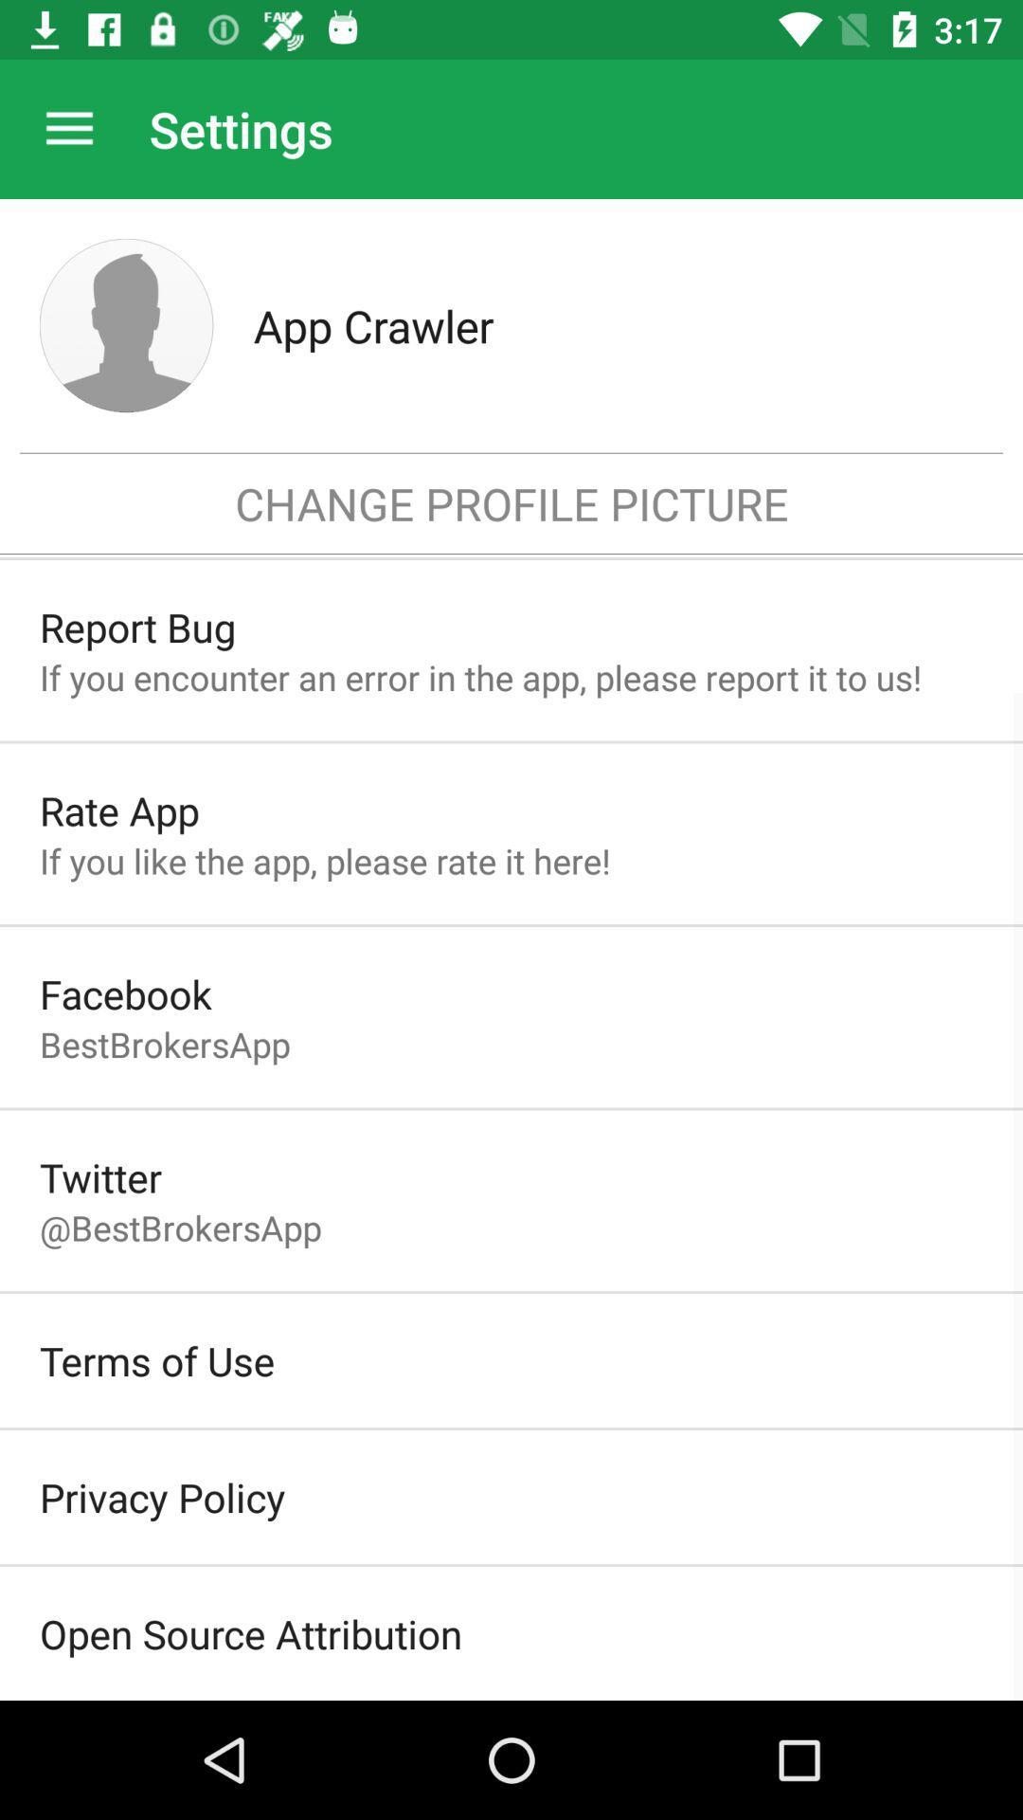  What do you see at coordinates (68, 128) in the screenshot?
I see `the icon to the left of settings icon` at bounding box center [68, 128].